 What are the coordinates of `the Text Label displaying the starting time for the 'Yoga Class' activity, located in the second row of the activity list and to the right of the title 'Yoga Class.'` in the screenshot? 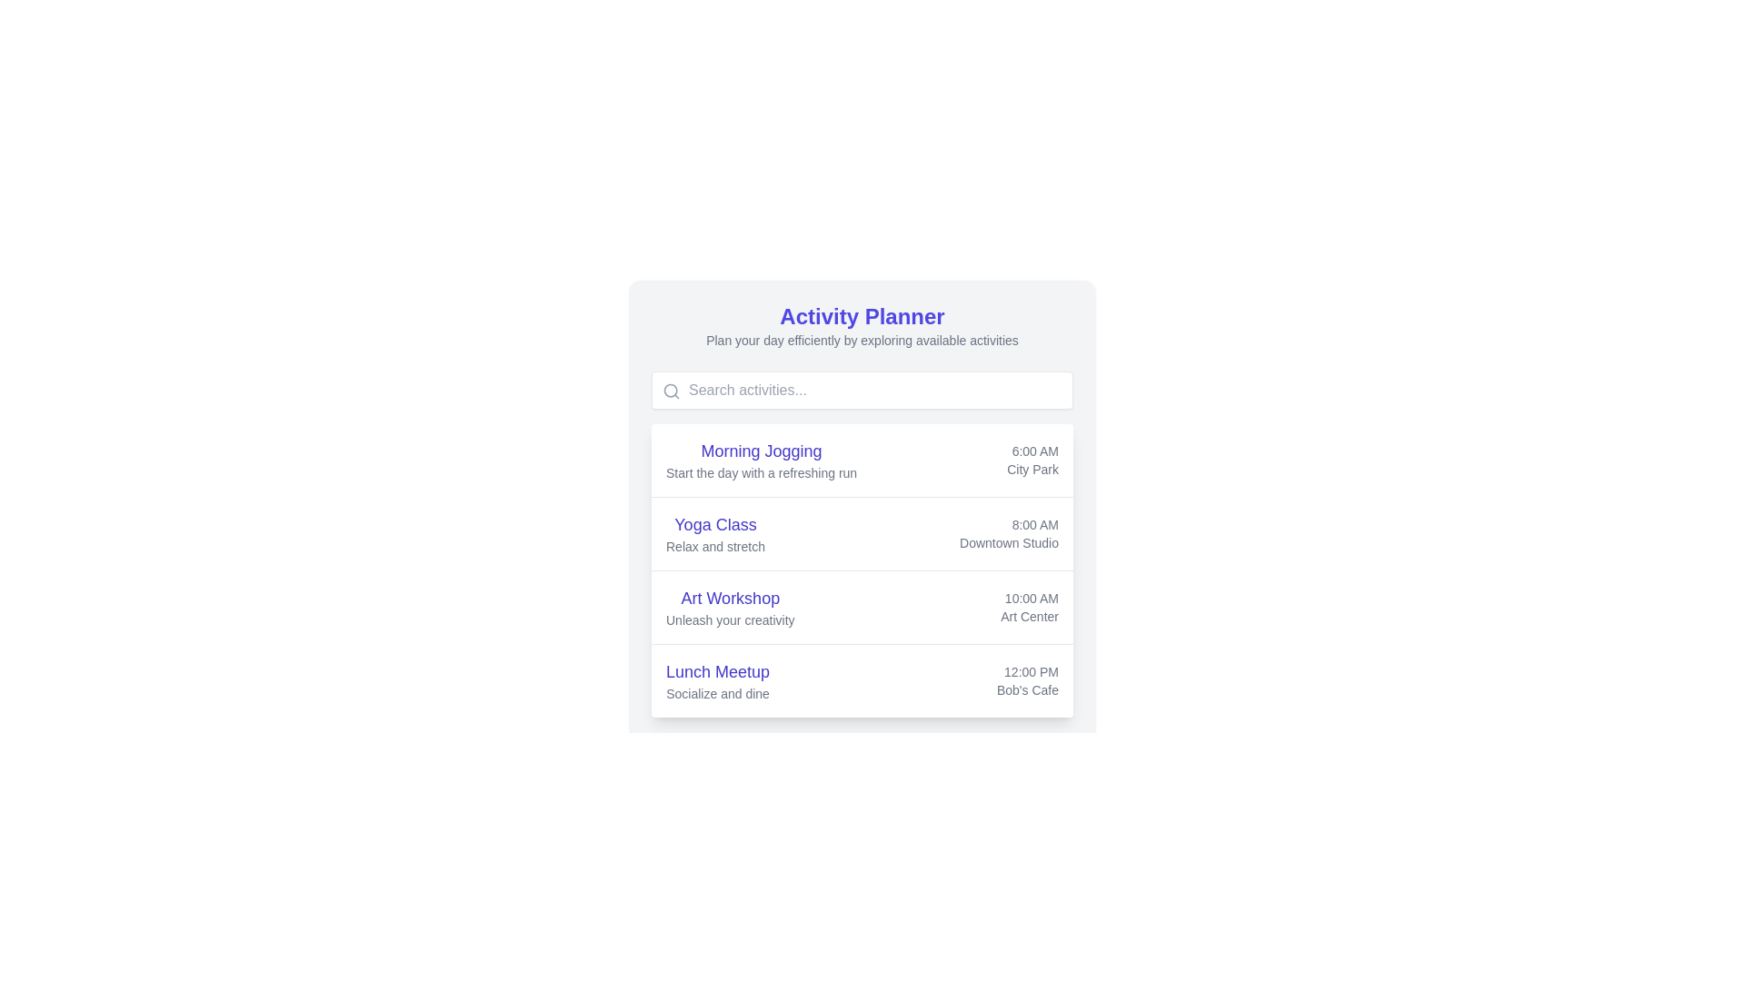 It's located at (1008, 525).